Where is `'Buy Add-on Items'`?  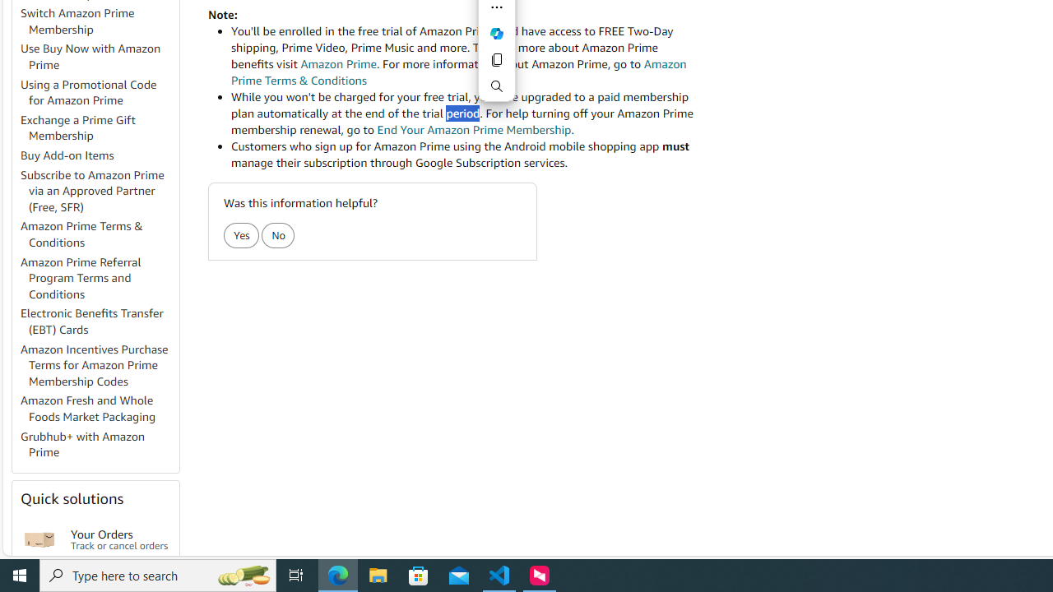
'Buy Add-on Items' is located at coordinates (98, 156).